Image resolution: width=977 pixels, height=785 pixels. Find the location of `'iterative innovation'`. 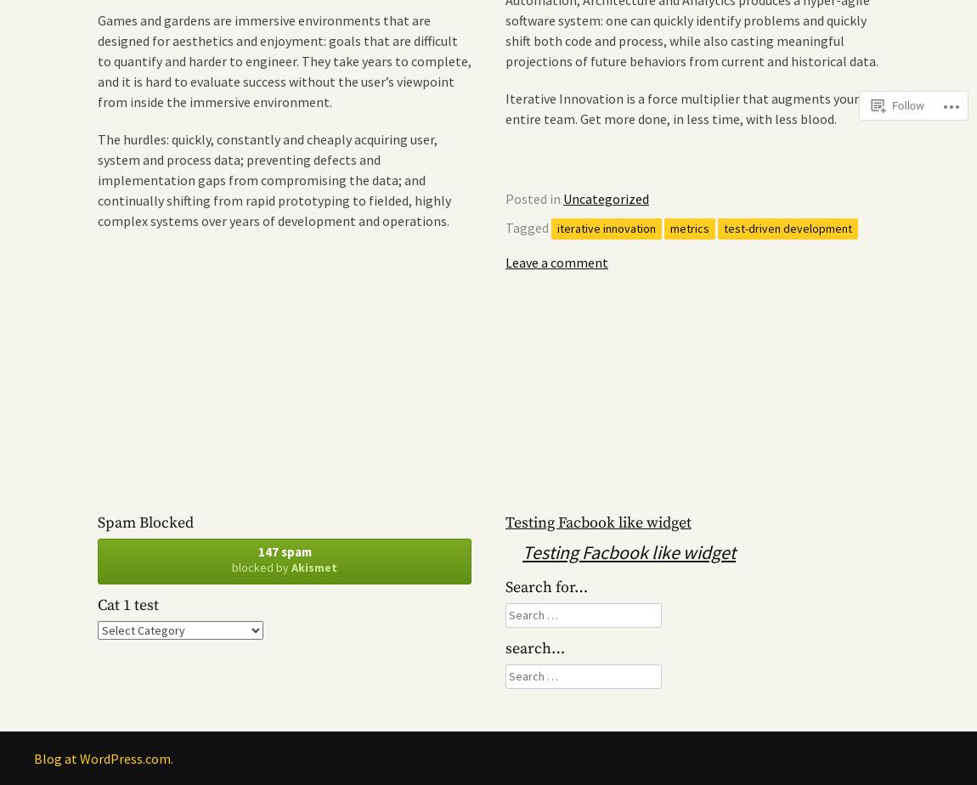

'iterative innovation' is located at coordinates (556, 227).